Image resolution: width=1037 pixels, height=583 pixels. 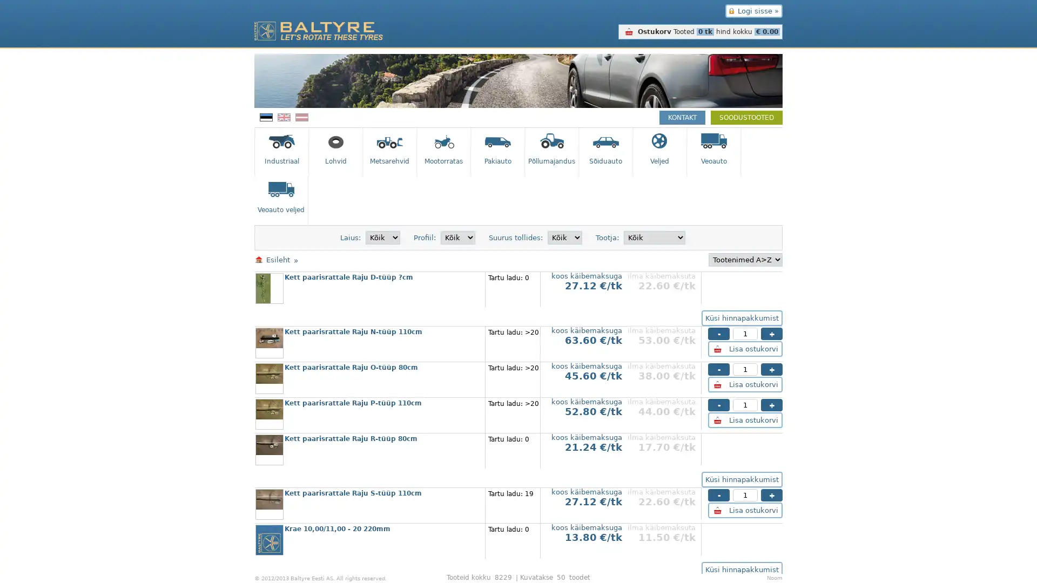 I want to click on -, so click(x=718, y=333).